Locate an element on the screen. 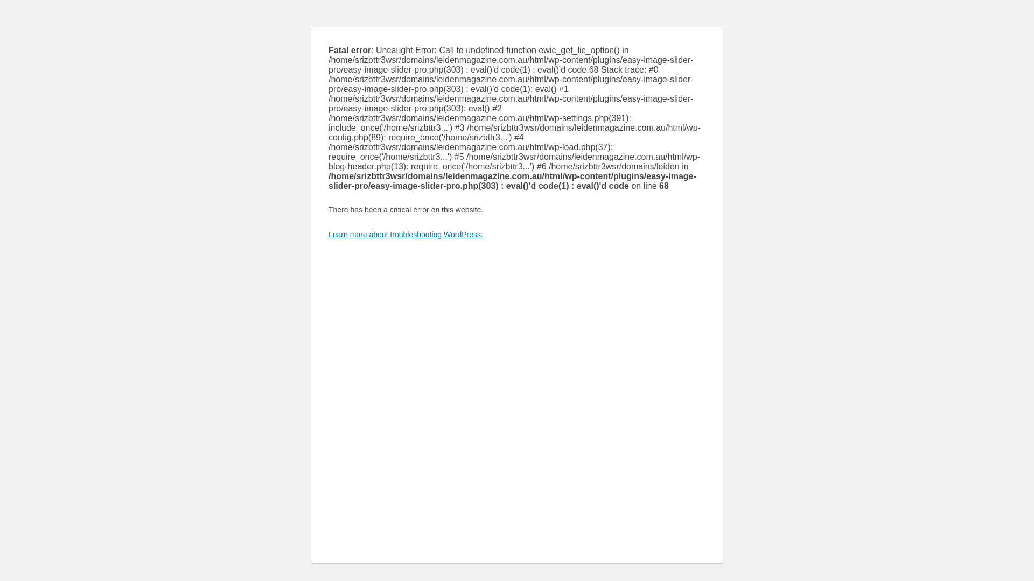 The image size is (1034, 581). 'Learn more about troubleshooting WordPress.' is located at coordinates (405, 233).